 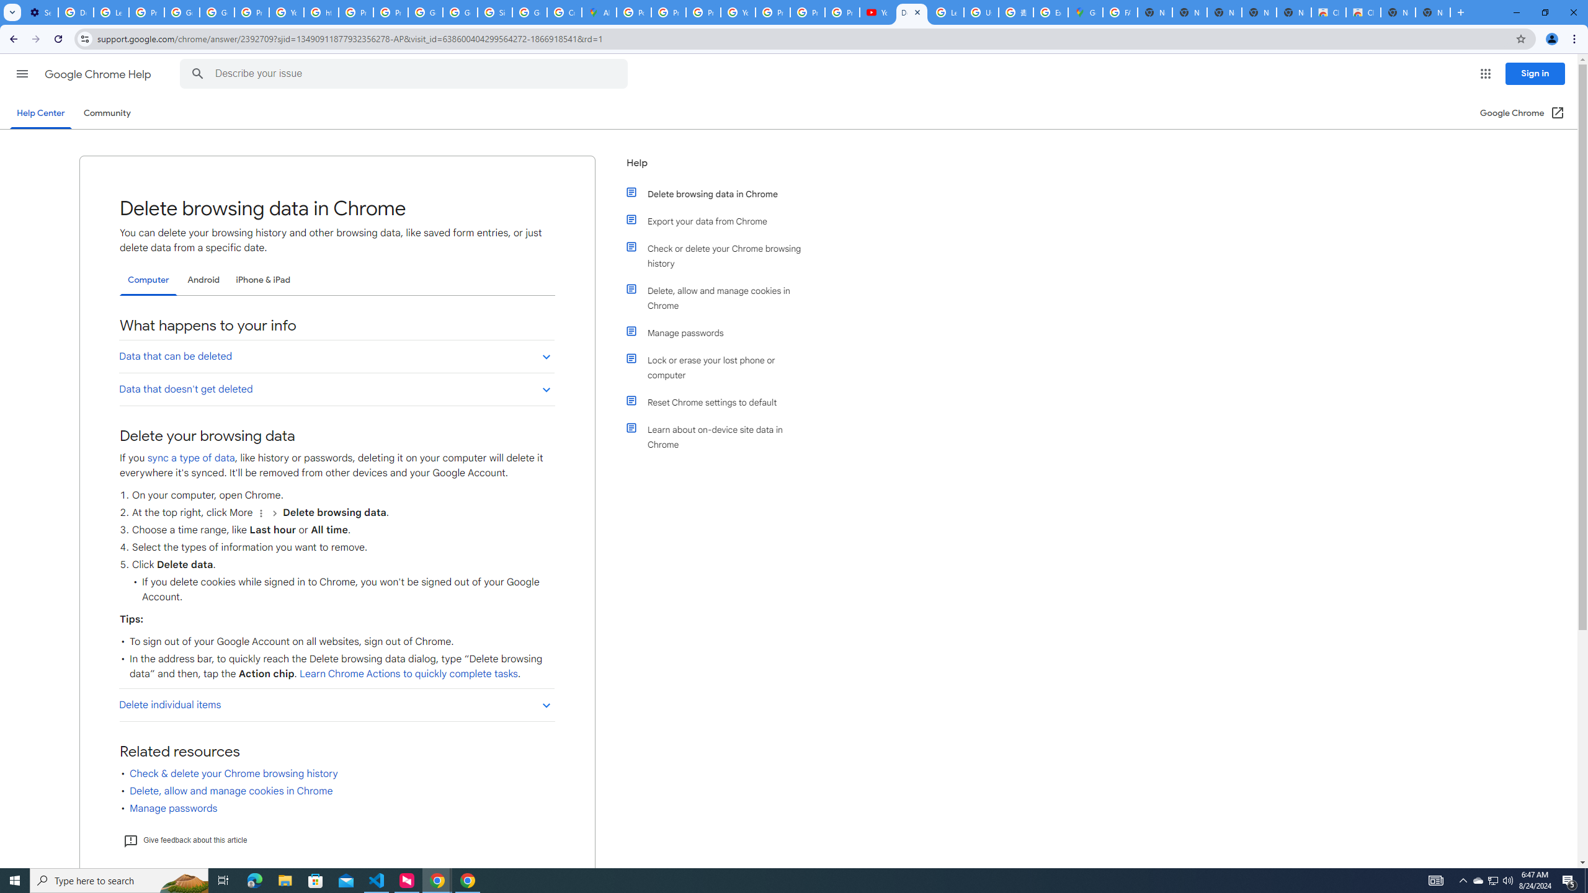 What do you see at coordinates (321, 12) in the screenshot?
I see `'https://scholar.google.com/'` at bounding box center [321, 12].